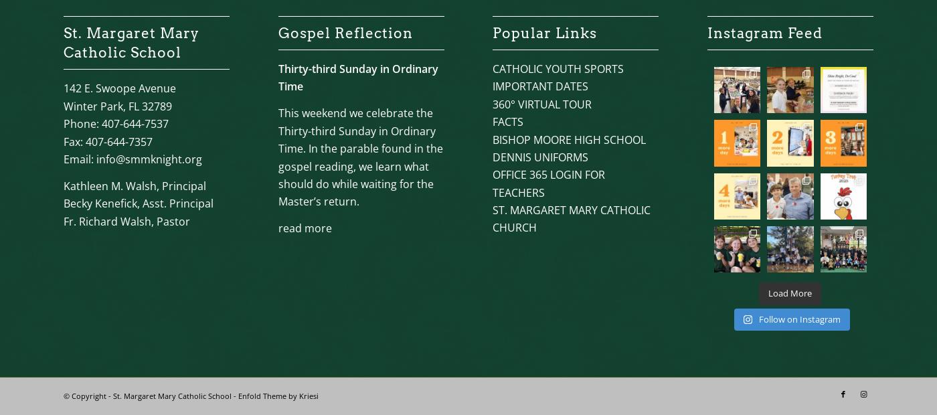 The height and width of the screenshot is (415, 937). What do you see at coordinates (126, 220) in the screenshot?
I see `'Fr. Richard Walsh, Pastor'` at bounding box center [126, 220].